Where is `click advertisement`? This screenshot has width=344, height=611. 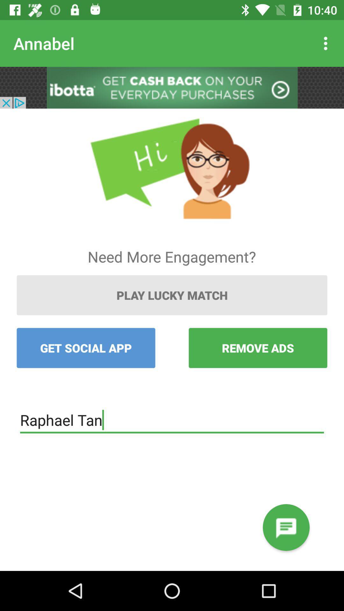 click advertisement is located at coordinates (172, 87).